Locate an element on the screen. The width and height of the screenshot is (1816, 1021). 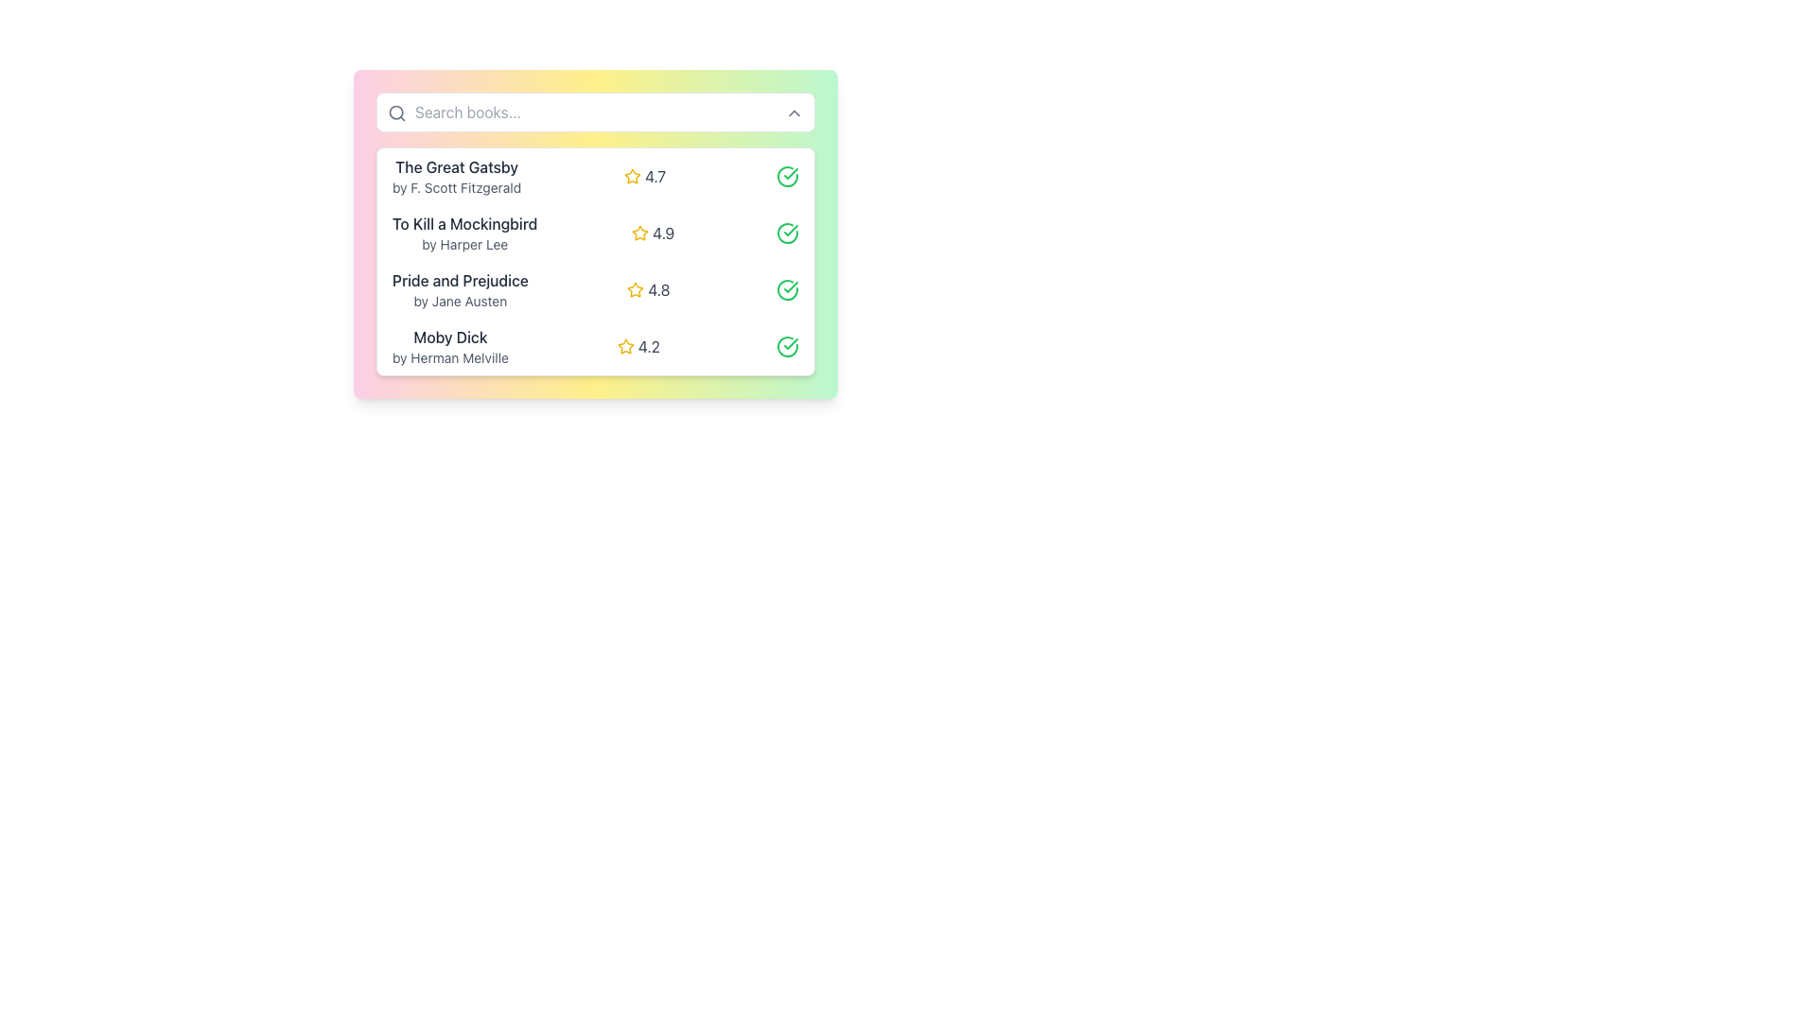
the circular green check icon located next to the rating text '4.2' for the book 'Moby Dick by Herman Melville' is located at coordinates (787, 346).